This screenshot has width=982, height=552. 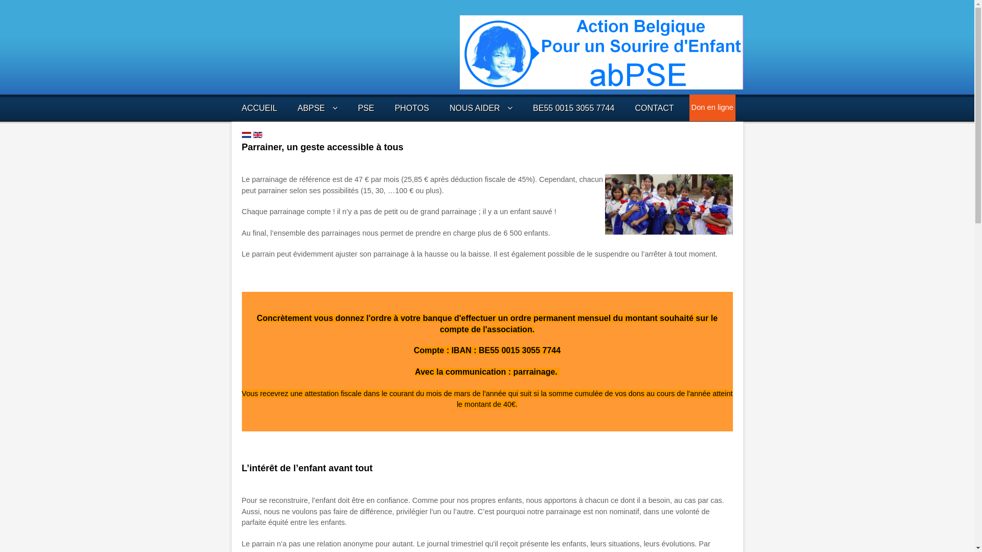 I want to click on 'PHOTOS', so click(x=412, y=108).